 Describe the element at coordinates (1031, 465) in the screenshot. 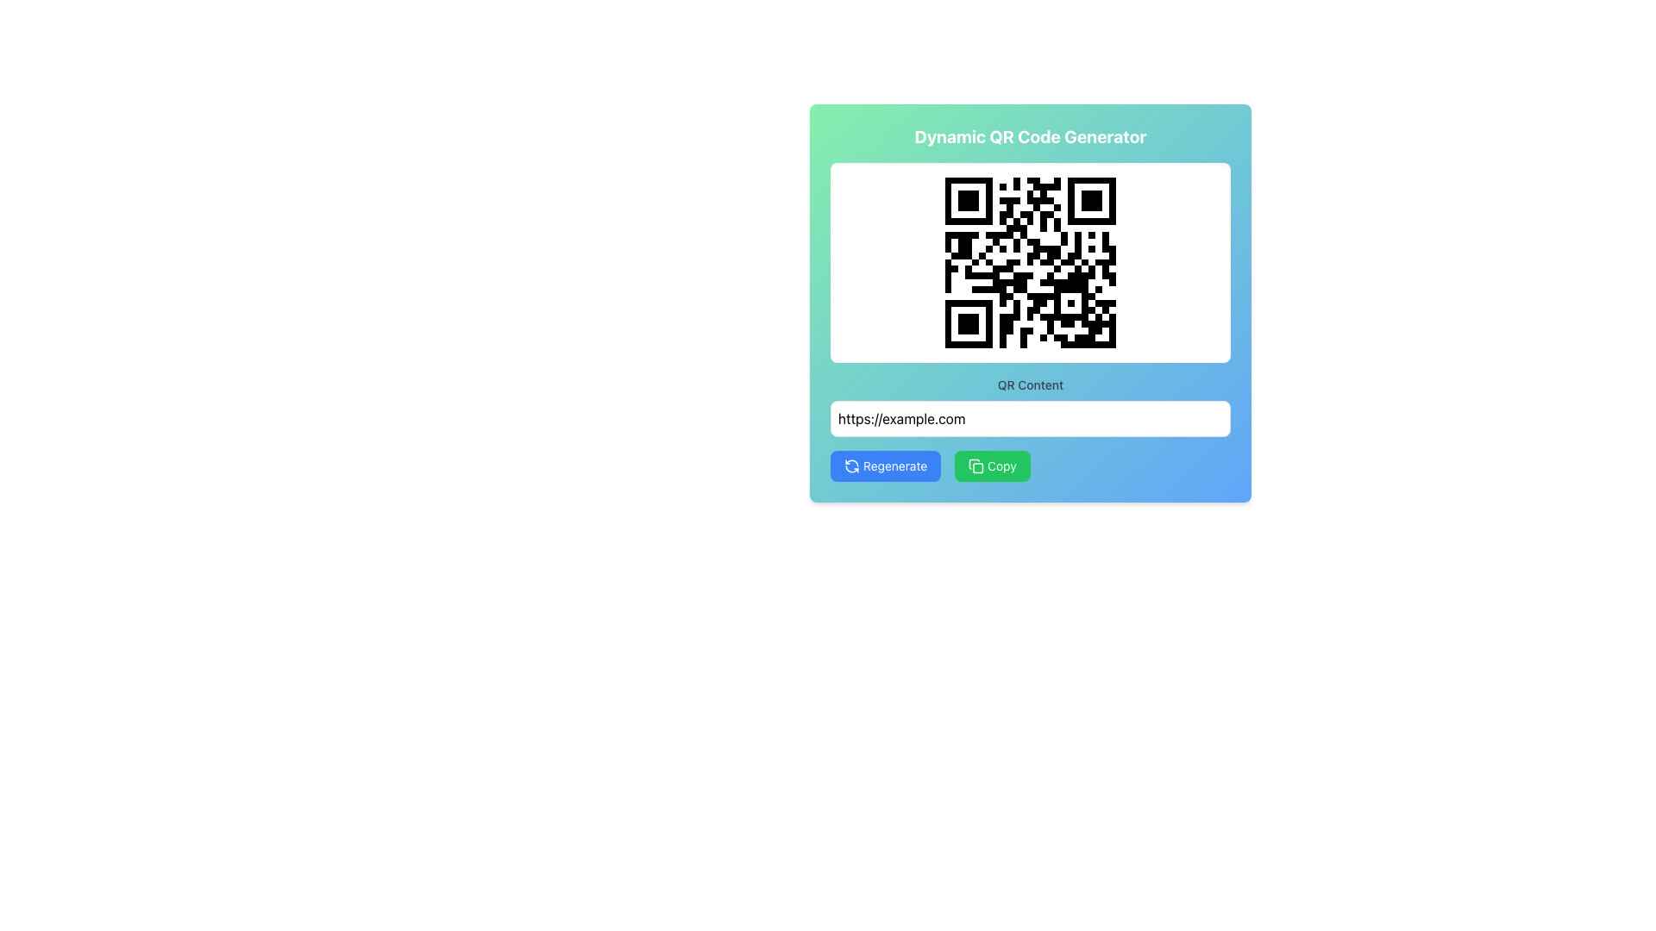

I see `the green 'Copy' button with rounded corners, which is located to the right of the 'Regenerate' button` at that location.